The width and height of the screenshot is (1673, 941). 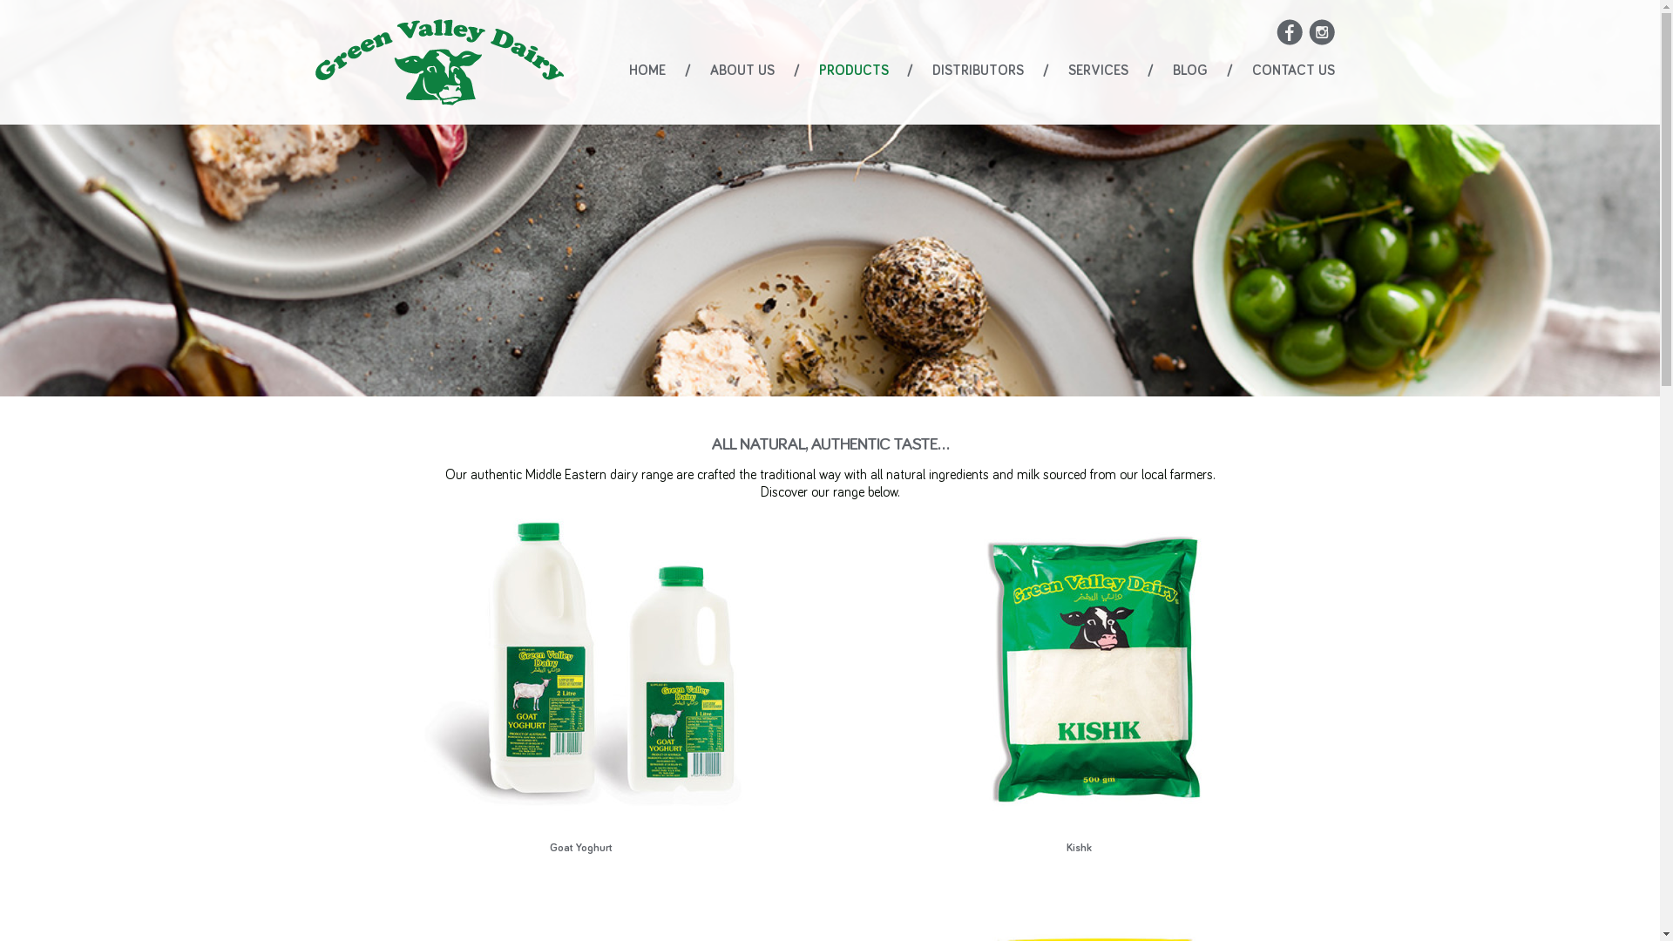 I want to click on 'Goat Yoghurt', so click(x=580, y=681).